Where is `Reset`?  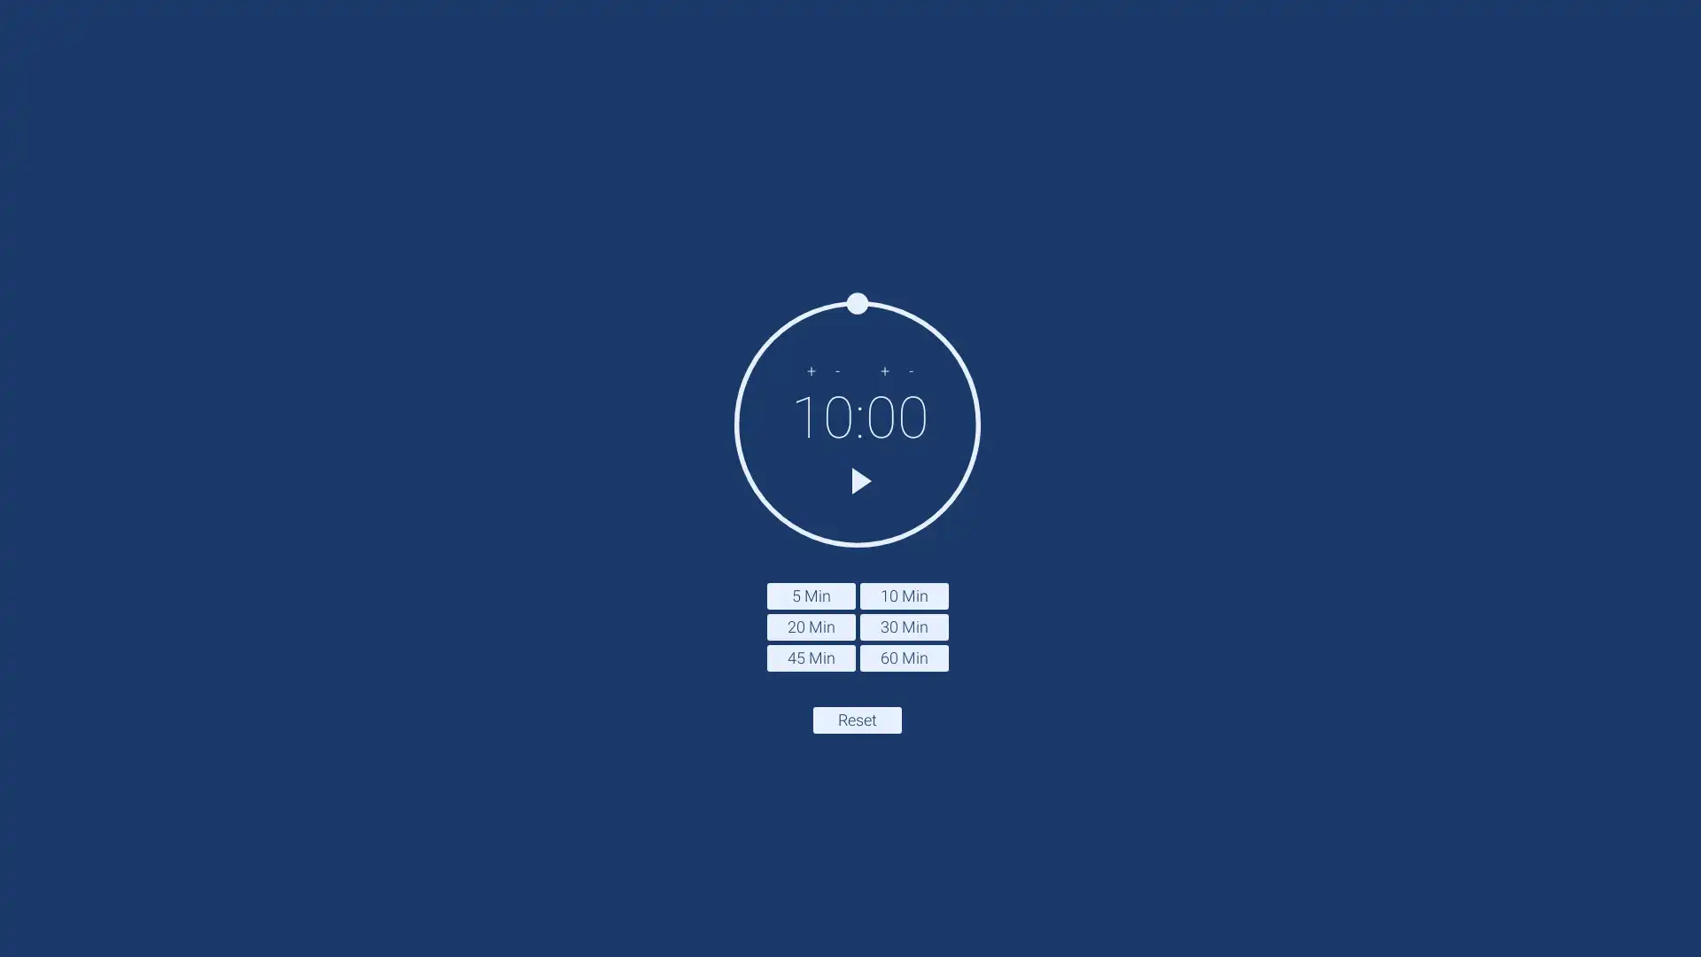
Reset is located at coordinates (858, 720).